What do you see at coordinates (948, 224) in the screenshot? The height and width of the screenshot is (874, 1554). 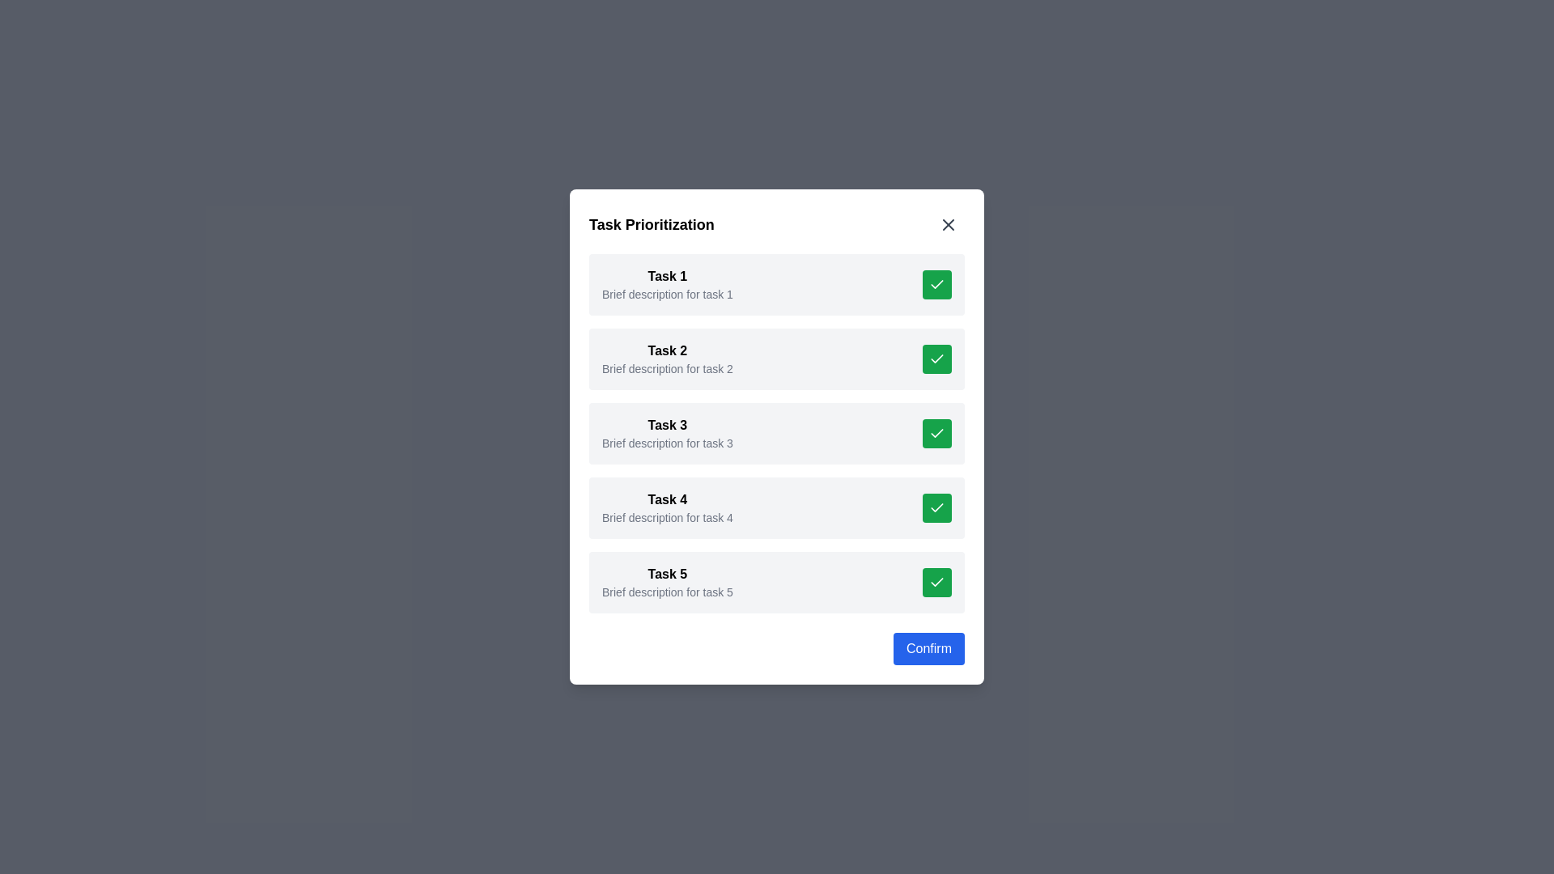 I see `the close button represented by the SVG icon in the top-right corner of the modal` at bounding box center [948, 224].